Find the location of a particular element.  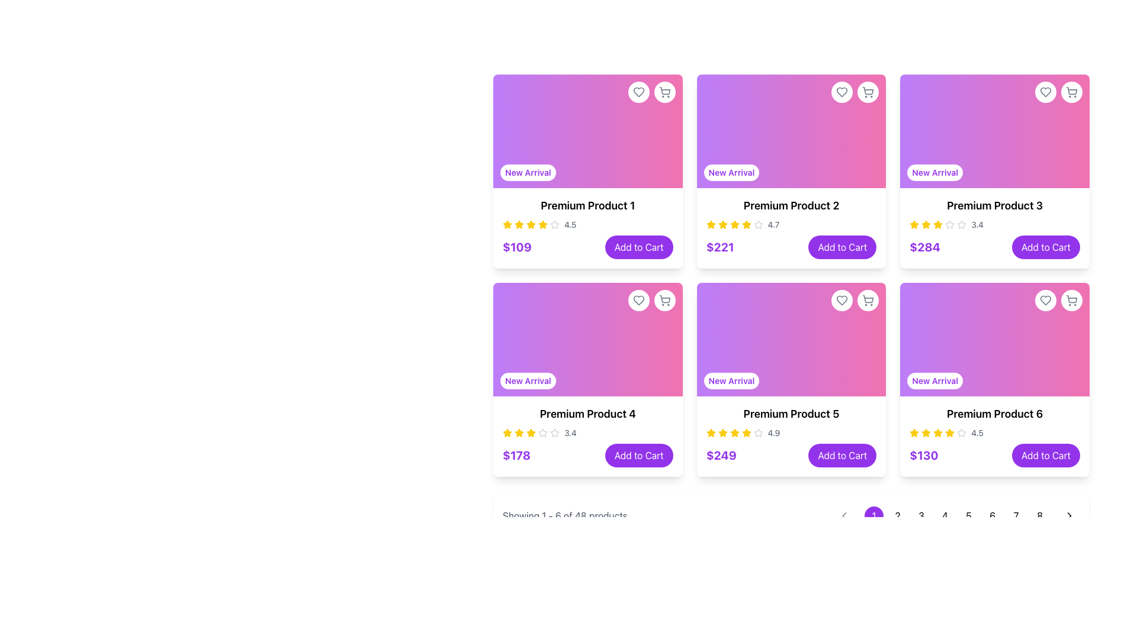

the shopping cart icon located in the upper-right corner of the 'Premium Product 5' card is located at coordinates (868, 300).